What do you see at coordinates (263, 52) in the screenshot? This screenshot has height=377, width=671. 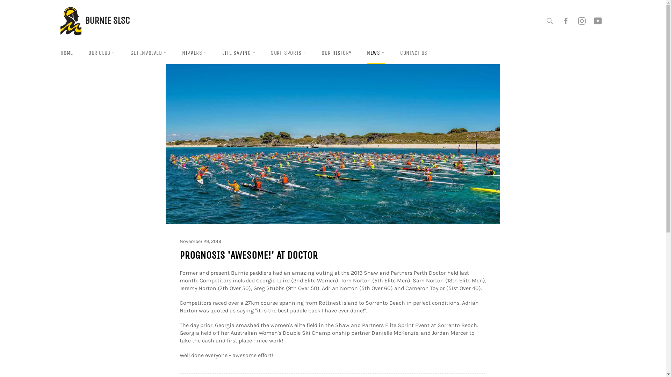 I see `'SURF SPORTS'` at bounding box center [263, 52].